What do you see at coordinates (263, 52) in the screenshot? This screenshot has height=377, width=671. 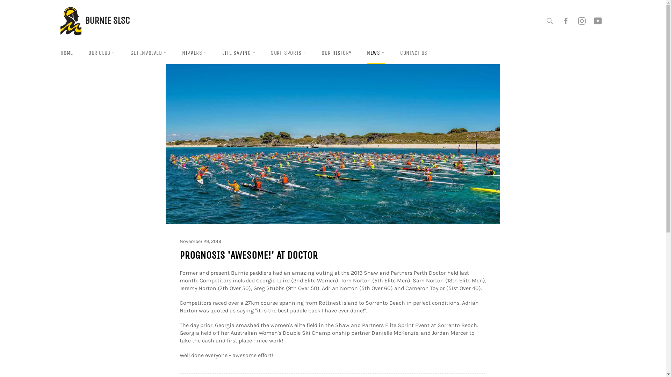 I see `'SURF SPORTS'` at bounding box center [263, 52].